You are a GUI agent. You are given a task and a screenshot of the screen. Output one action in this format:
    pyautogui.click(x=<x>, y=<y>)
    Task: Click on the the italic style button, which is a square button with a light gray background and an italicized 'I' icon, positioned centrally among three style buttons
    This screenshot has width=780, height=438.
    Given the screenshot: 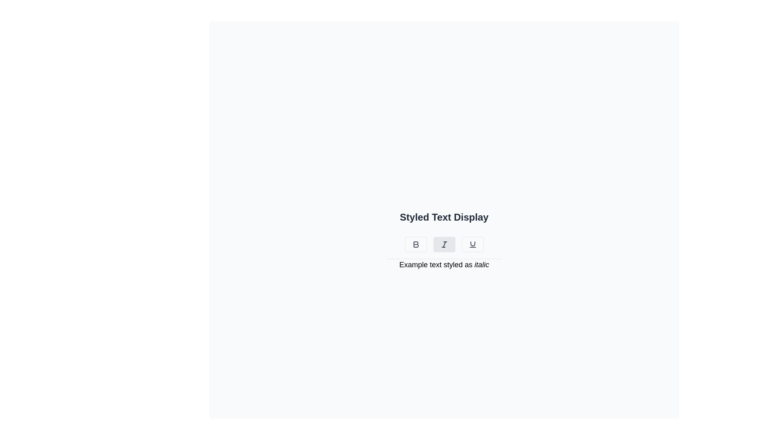 What is the action you would take?
    pyautogui.click(x=444, y=244)
    